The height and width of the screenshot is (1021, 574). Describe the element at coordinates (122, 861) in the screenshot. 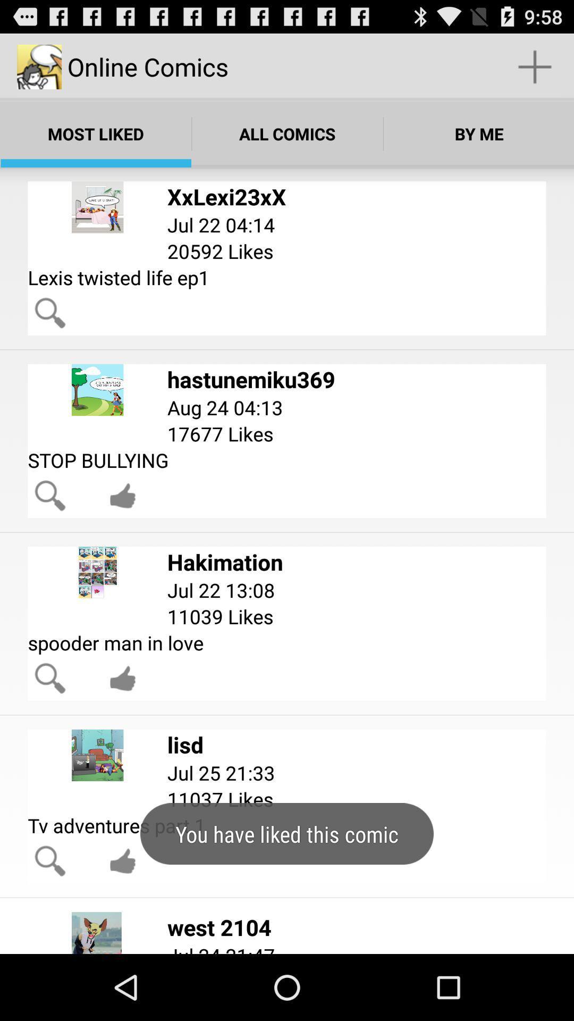

I see `creating funny meme cartoon comic anime and manga` at that location.